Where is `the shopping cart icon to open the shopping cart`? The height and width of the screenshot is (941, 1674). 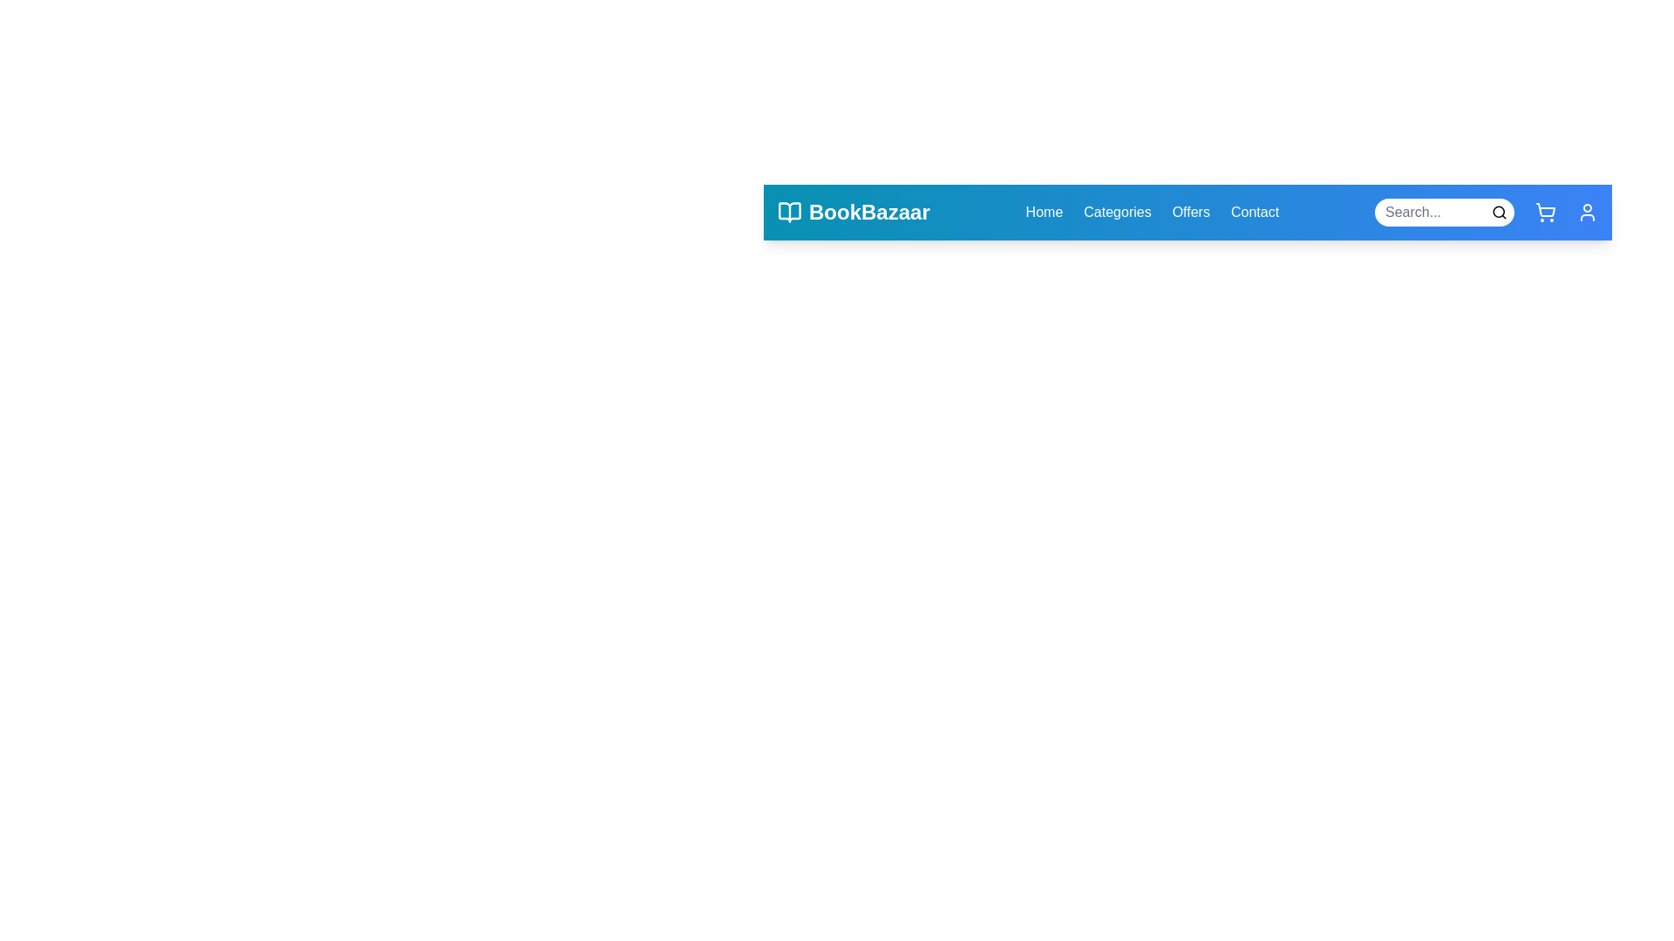
the shopping cart icon to open the shopping cart is located at coordinates (1545, 211).